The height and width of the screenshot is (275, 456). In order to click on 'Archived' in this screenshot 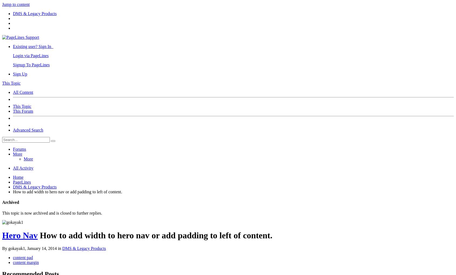, I will do `click(10, 202)`.